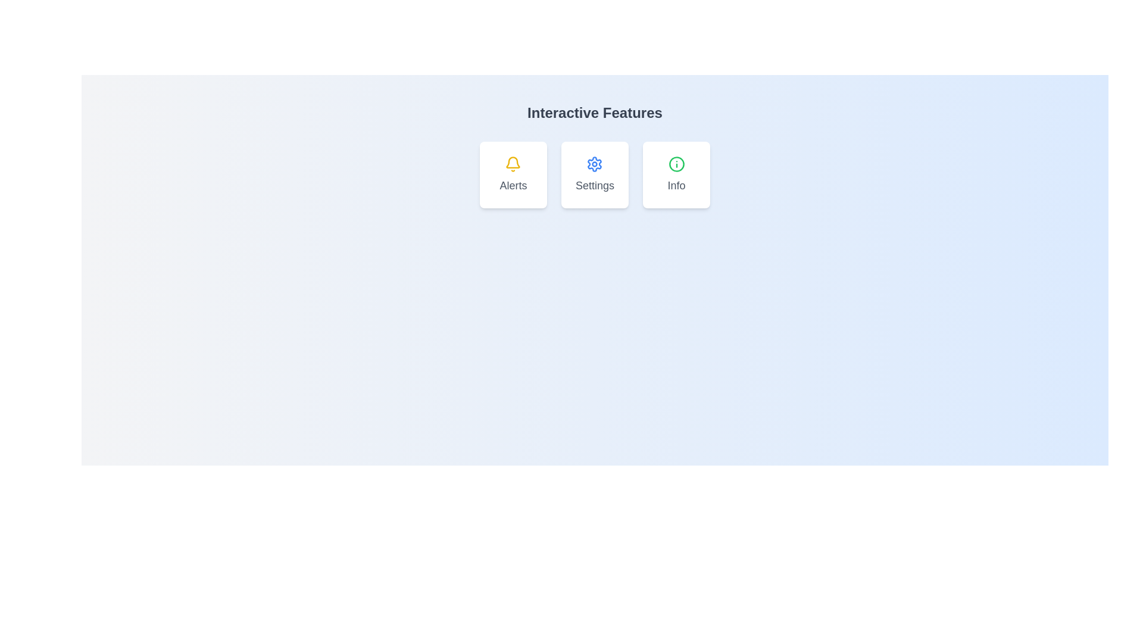 The image size is (1143, 643). I want to click on the inner curve of the yellow bell icon located in the 'Alerts' section of the interface, so click(513, 163).